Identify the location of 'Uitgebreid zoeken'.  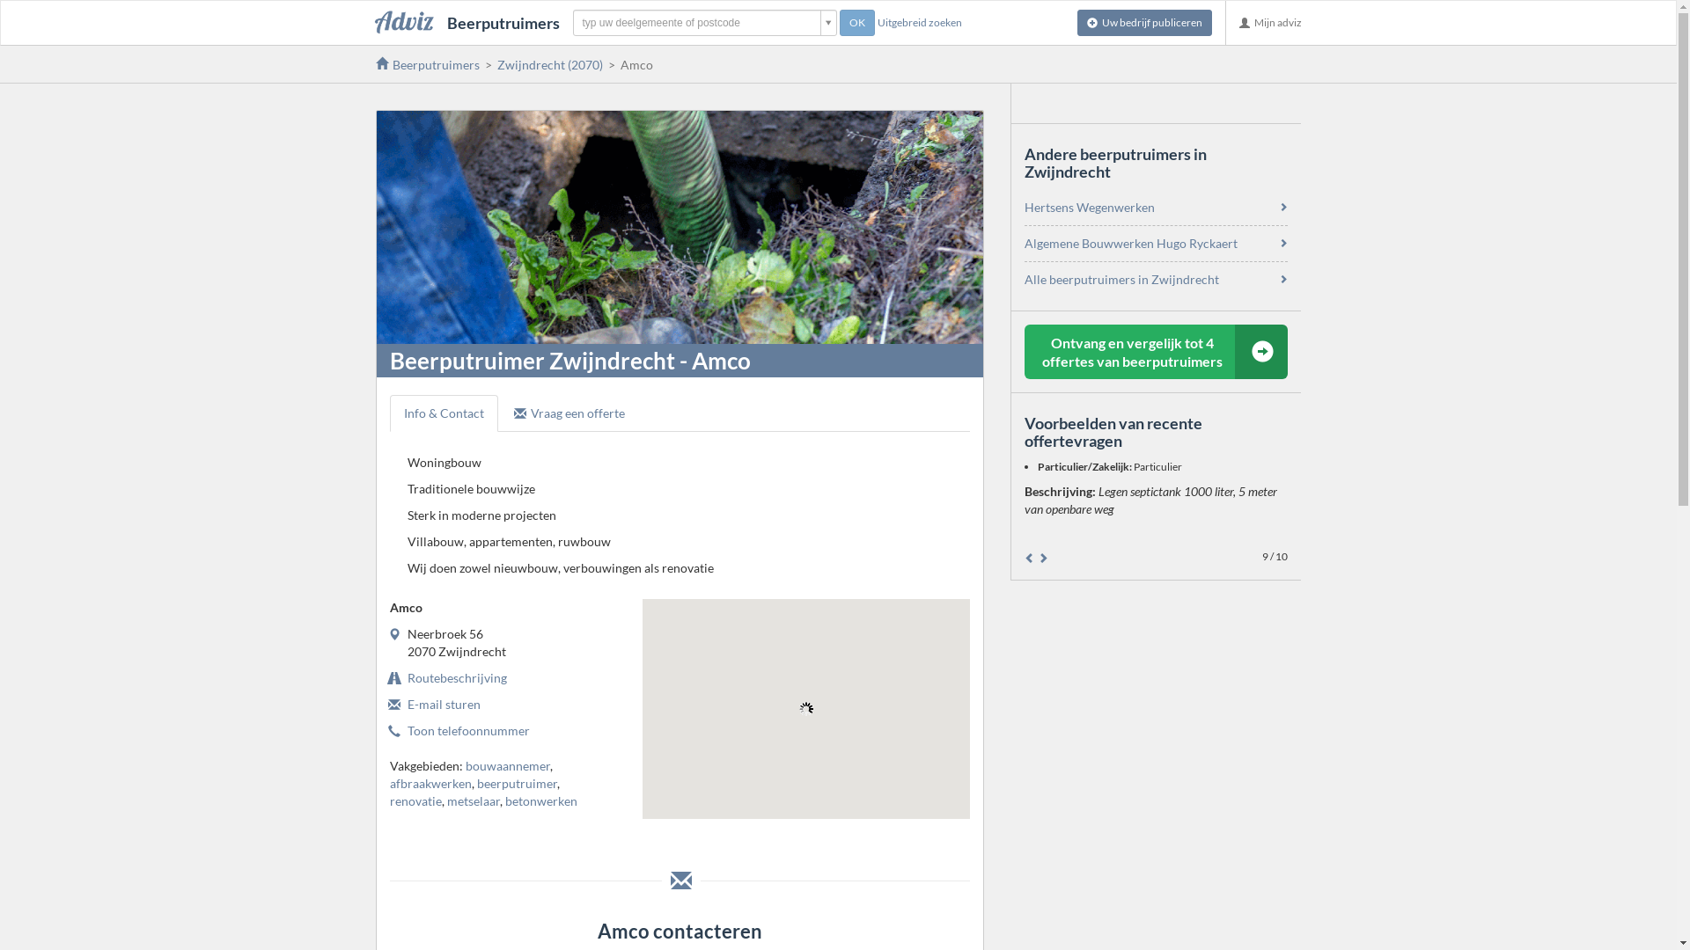
(917, 22).